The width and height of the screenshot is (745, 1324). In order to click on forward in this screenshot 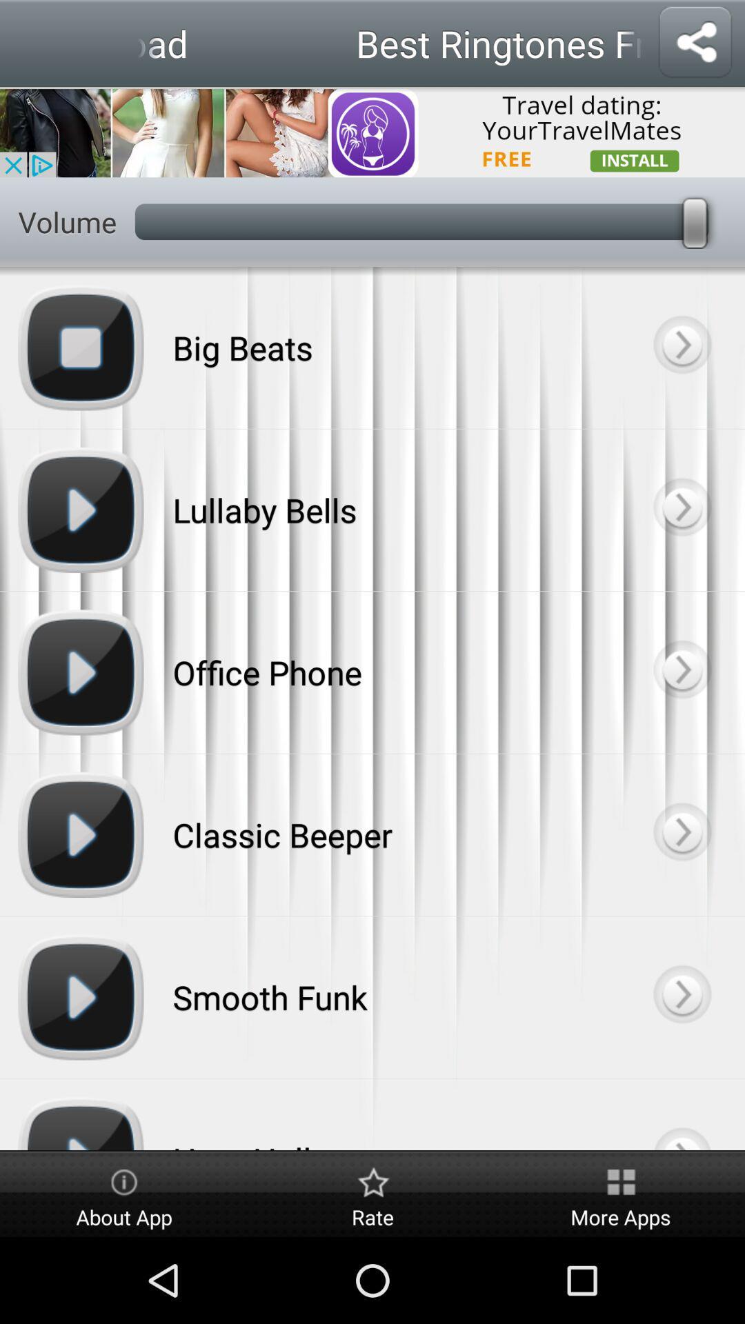, I will do `click(681, 348)`.